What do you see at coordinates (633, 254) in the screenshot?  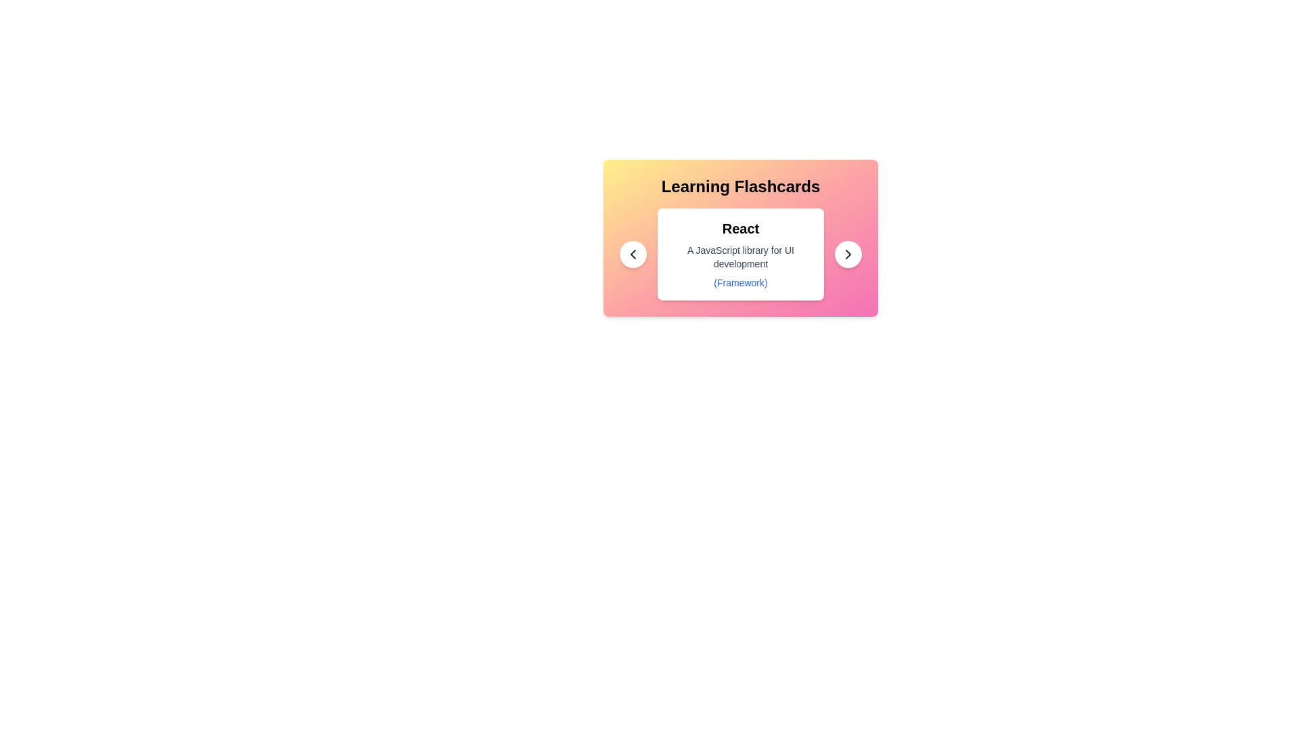 I see `the left arrow button to navigate to the previous flashcard` at bounding box center [633, 254].